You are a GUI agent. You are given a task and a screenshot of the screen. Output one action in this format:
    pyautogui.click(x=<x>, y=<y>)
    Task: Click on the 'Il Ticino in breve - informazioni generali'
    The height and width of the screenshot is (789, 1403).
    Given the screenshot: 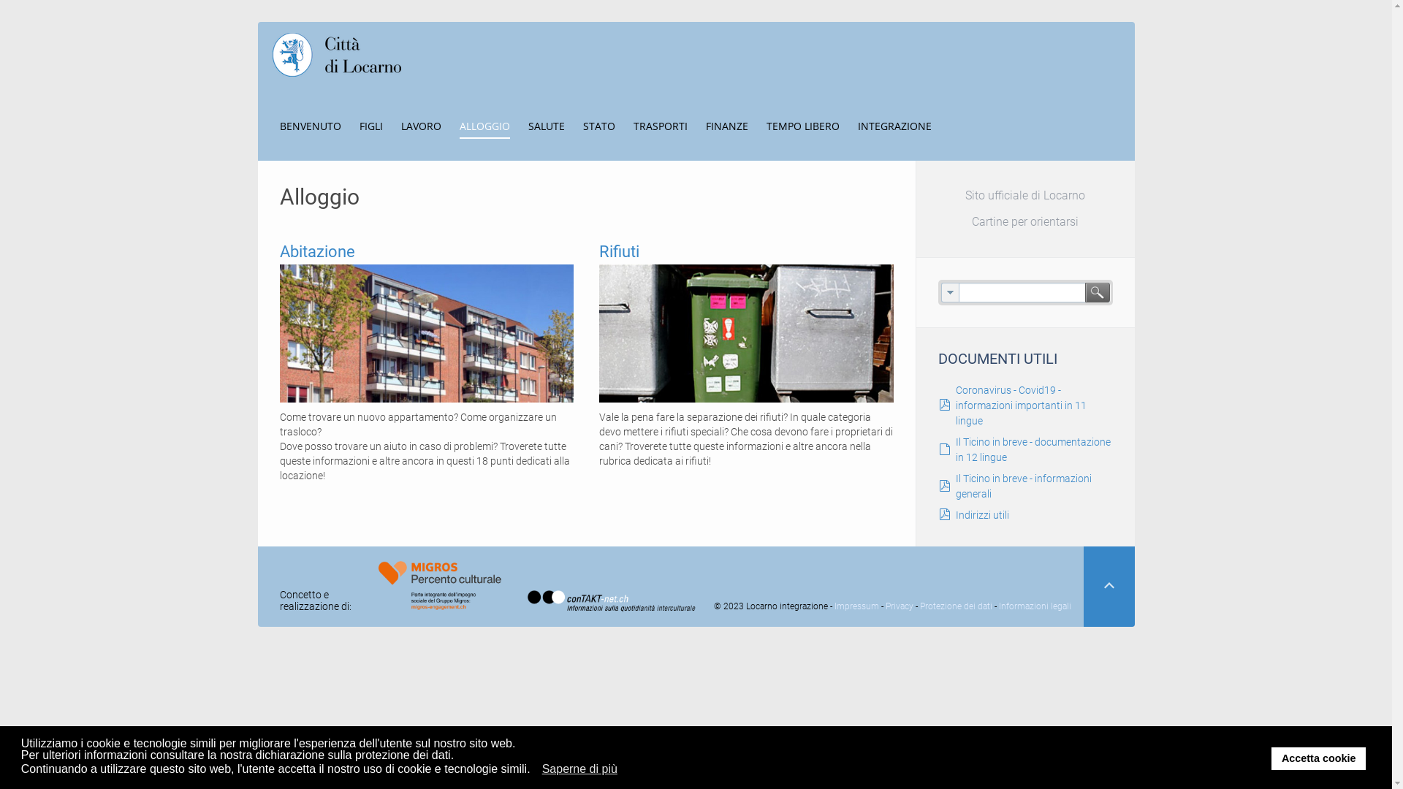 What is the action you would take?
    pyautogui.click(x=1023, y=486)
    